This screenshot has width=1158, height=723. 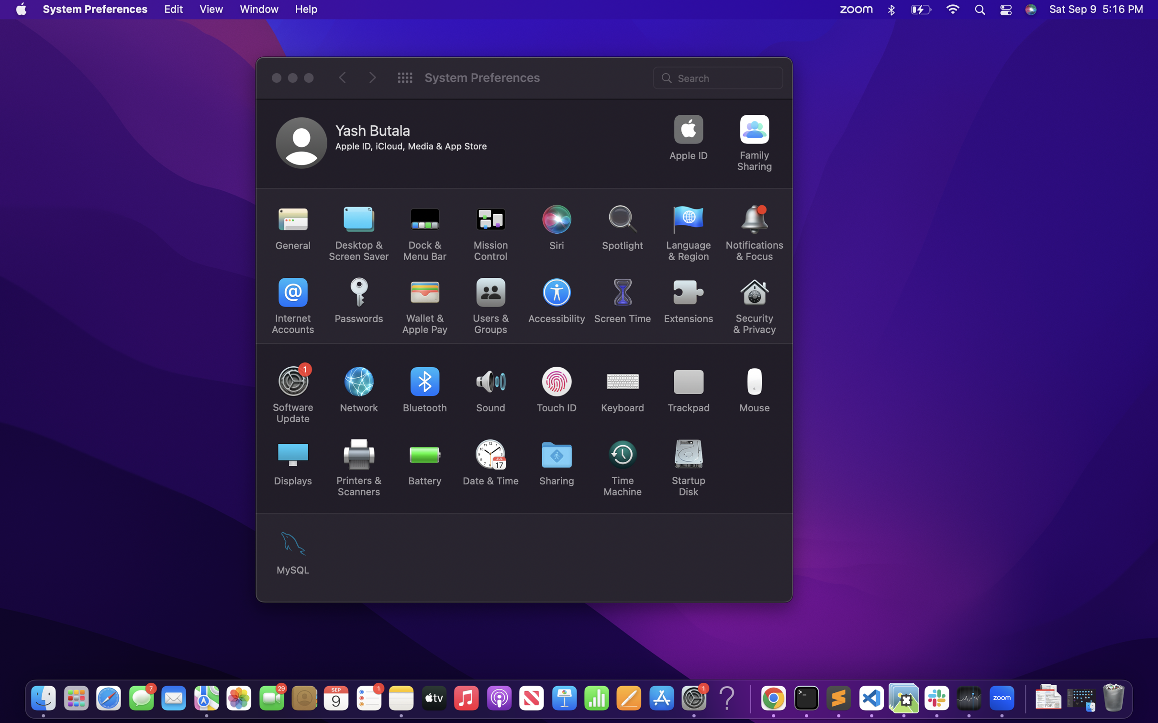 I want to click on keyboard configurations using search option, so click(x=719, y=77).